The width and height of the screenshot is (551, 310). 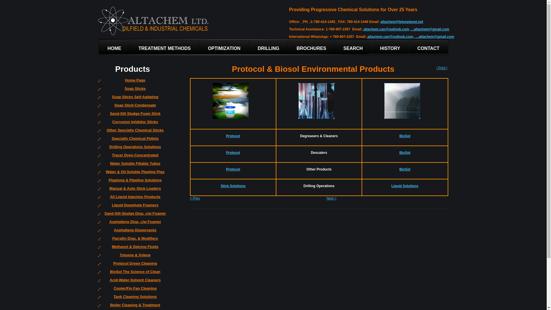 What do you see at coordinates (132, 265) in the screenshot?
I see `'Protocol Green Cleaning'` at bounding box center [132, 265].